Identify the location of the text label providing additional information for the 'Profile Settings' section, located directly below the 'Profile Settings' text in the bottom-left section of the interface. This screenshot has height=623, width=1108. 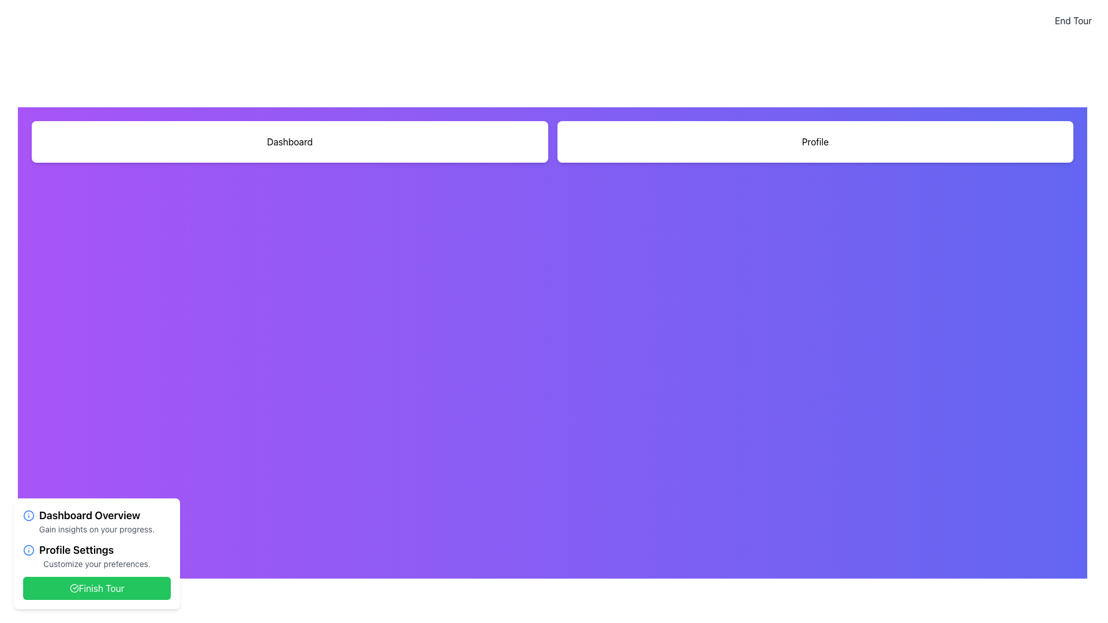
(97, 564).